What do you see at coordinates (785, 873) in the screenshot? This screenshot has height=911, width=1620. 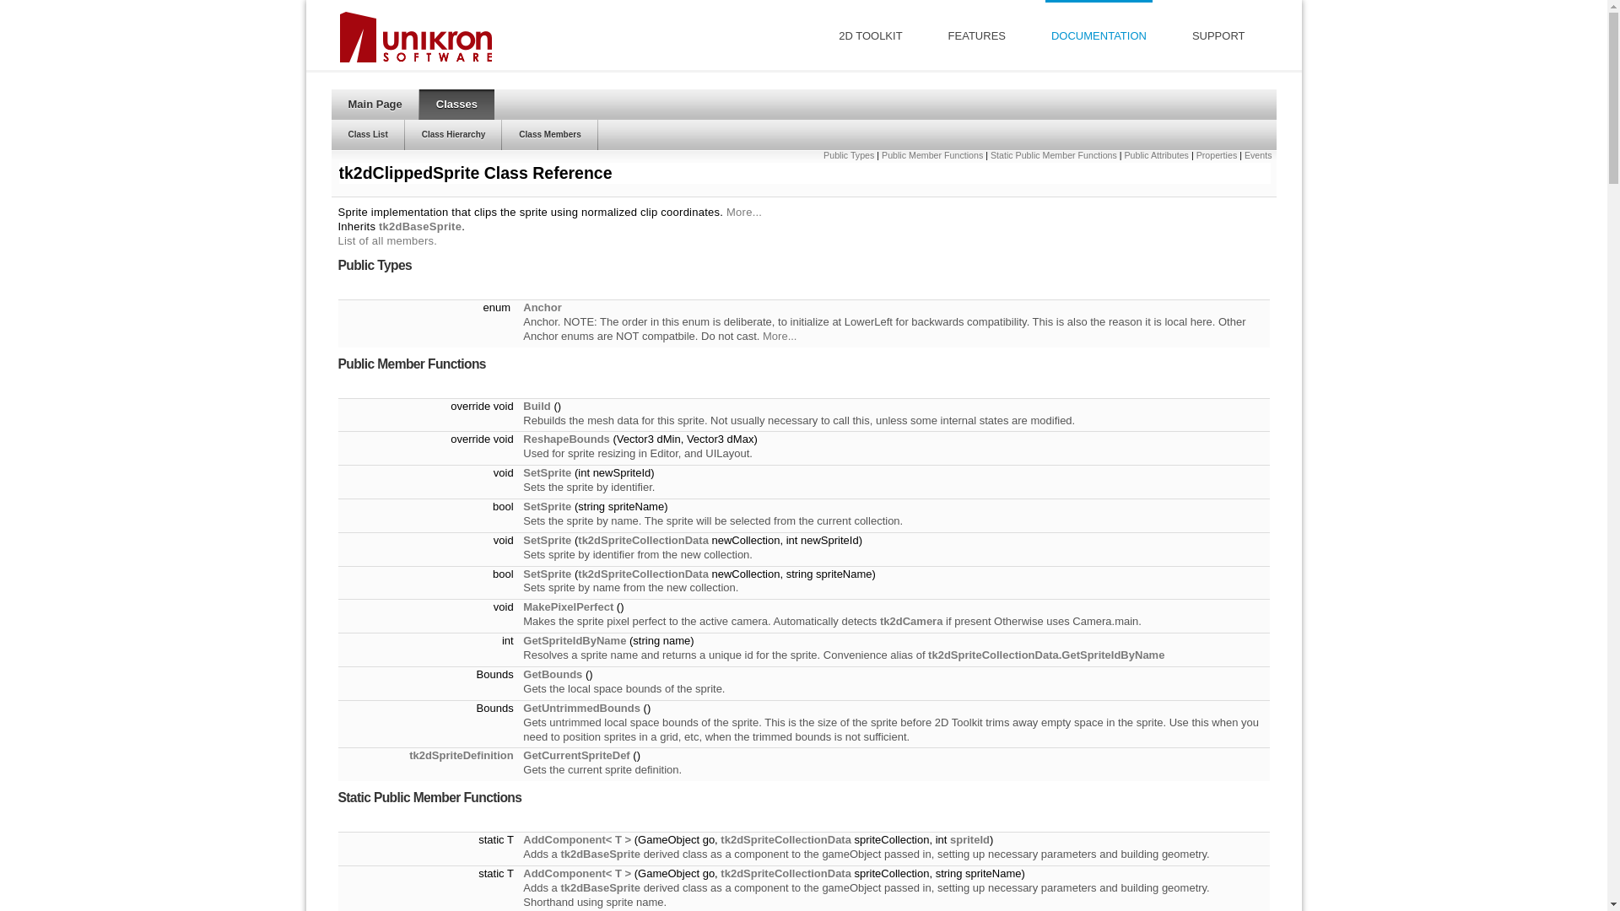 I see `'tk2dSpriteCollectionData'` at bounding box center [785, 873].